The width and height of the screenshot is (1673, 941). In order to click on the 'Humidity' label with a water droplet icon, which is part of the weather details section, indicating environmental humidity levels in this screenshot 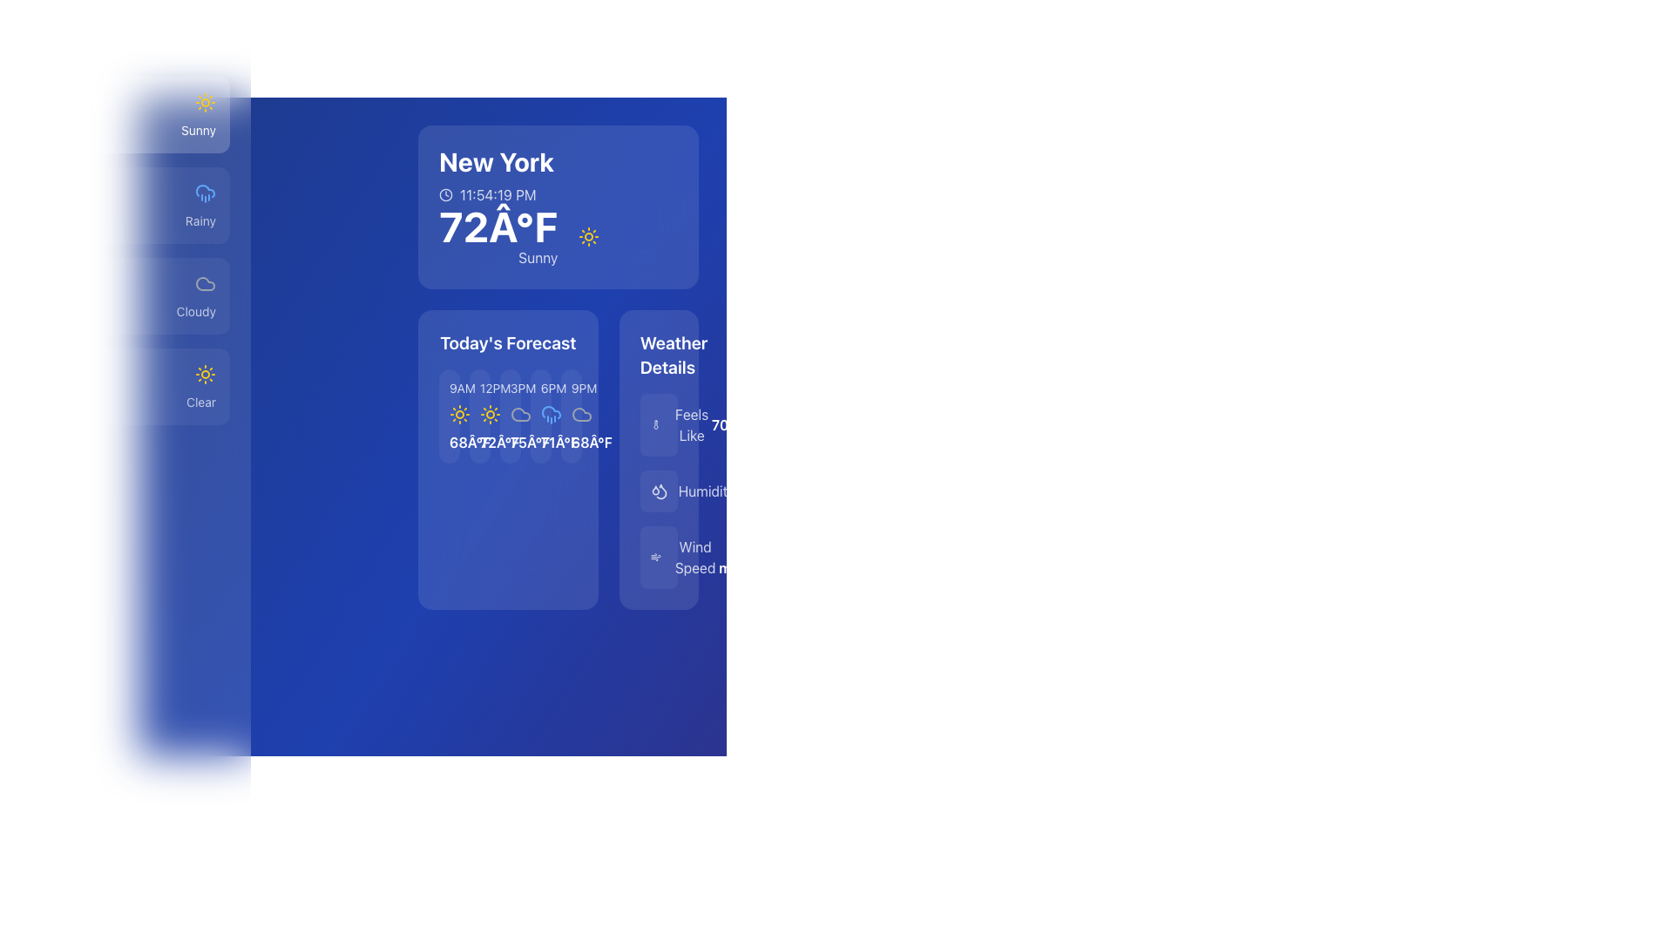, I will do `click(692, 491)`.